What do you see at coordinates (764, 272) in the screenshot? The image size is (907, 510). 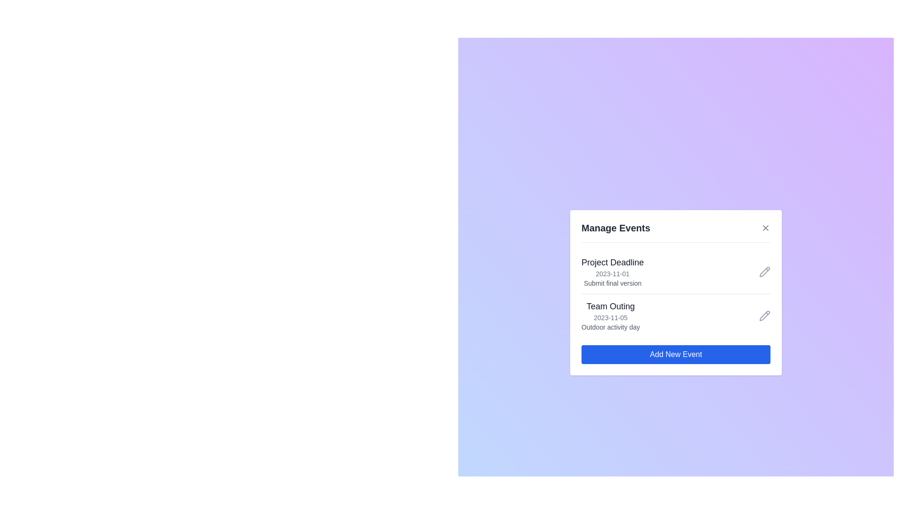 I see `the edit icon for the event titled 'Project Deadline'` at bounding box center [764, 272].